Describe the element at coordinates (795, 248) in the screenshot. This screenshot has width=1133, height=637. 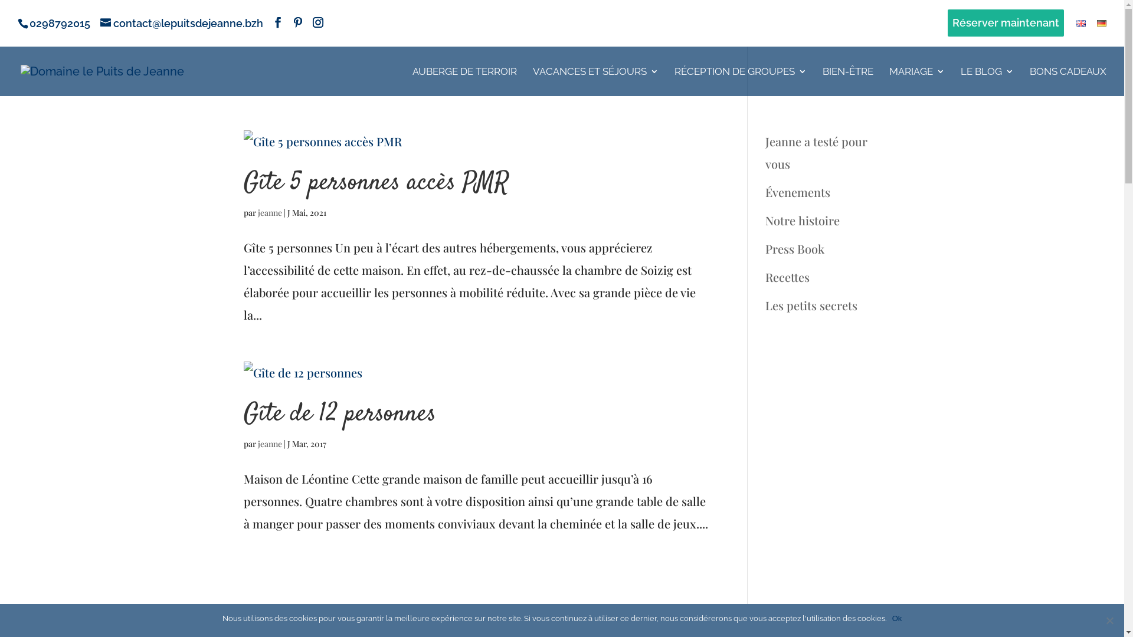
I see `'Press Book'` at that location.